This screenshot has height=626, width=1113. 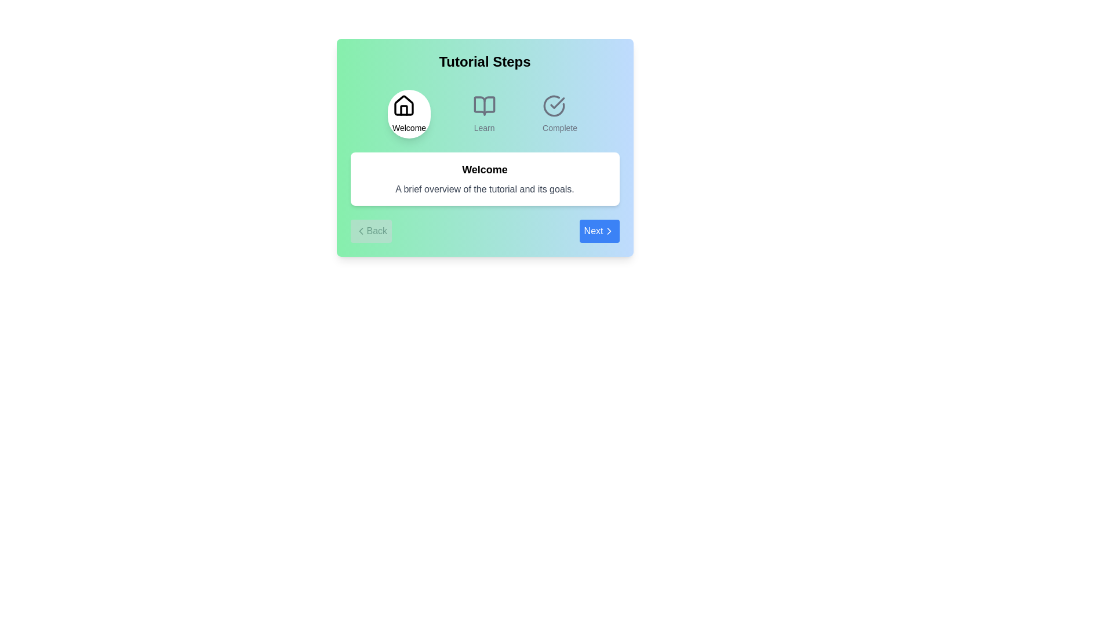 What do you see at coordinates (409, 114) in the screenshot?
I see `the highlighted 'Welcome' step icon to confirm its selection` at bounding box center [409, 114].